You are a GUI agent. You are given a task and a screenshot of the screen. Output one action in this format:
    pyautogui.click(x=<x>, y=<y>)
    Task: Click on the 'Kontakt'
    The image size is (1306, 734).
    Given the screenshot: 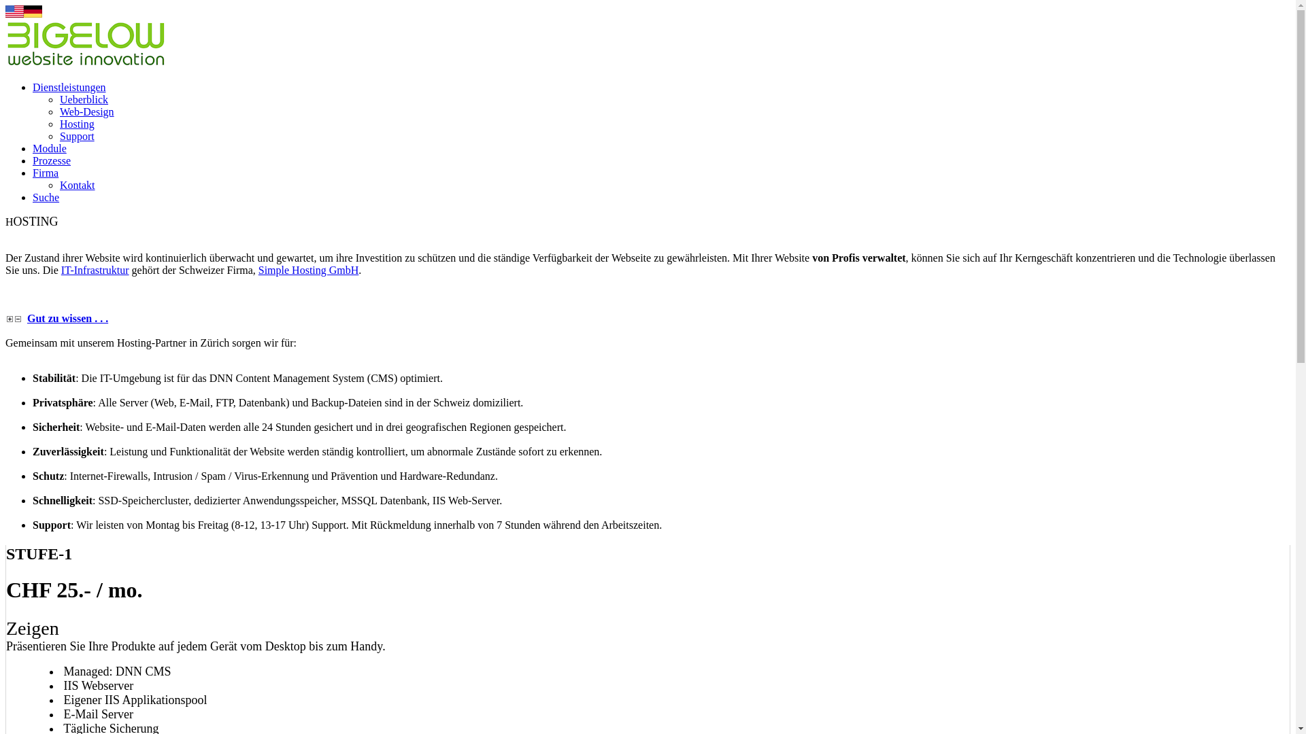 What is the action you would take?
    pyautogui.click(x=77, y=185)
    